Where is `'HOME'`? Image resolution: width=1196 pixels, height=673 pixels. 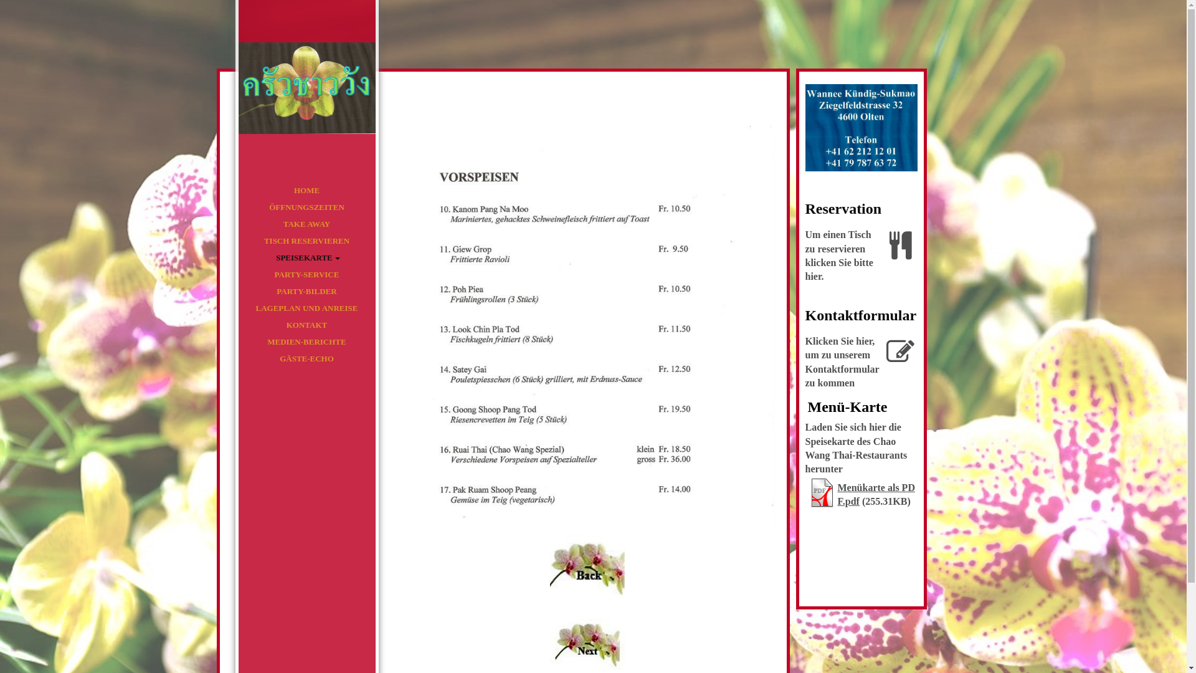
'HOME' is located at coordinates (306, 190).